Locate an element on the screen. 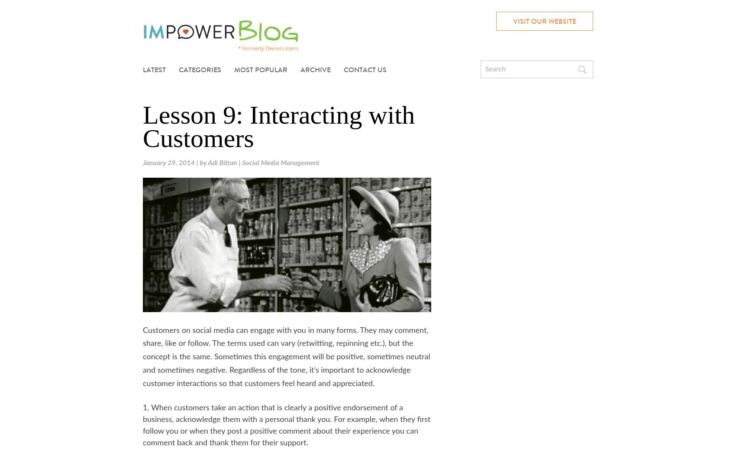 The image size is (736, 457). 'No one likes to be left hanging on hold' is located at coordinates (295, 94).